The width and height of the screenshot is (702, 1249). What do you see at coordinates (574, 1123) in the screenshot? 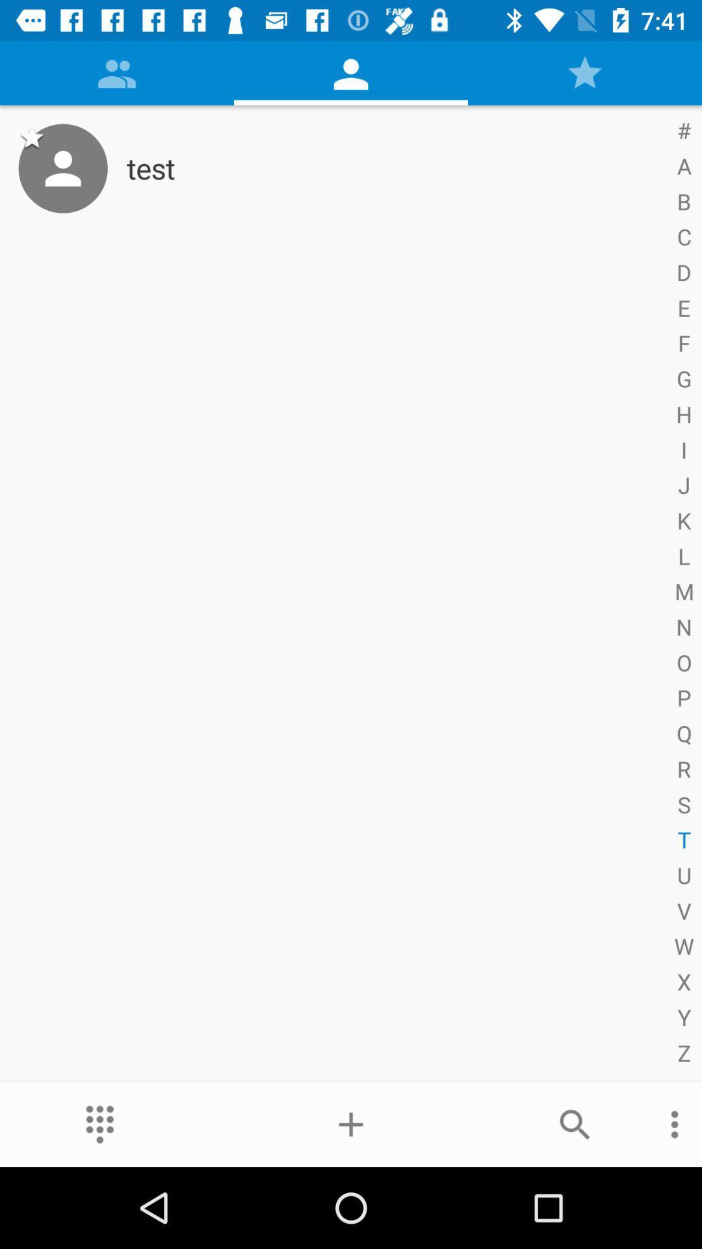
I see `the search icon` at bounding box center [574, 1123].